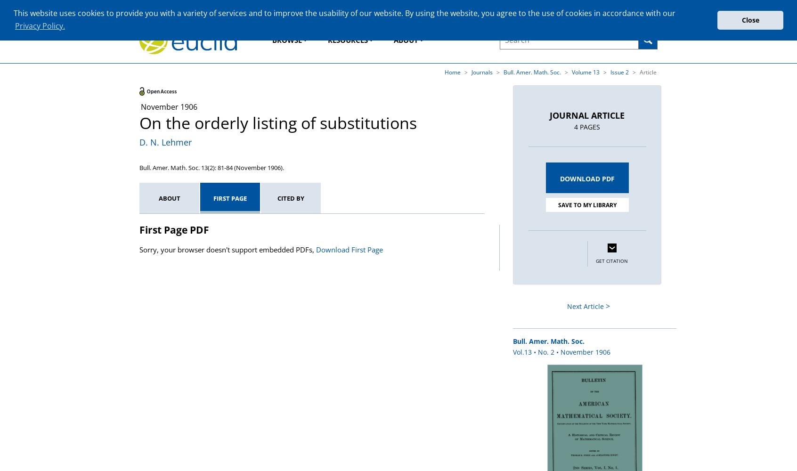 The width and height of the screenshot is (797, 471). What do you see at coordinates (453, 72) in the screenshot?
I see `'Home'` at bounding box center [453, 72].